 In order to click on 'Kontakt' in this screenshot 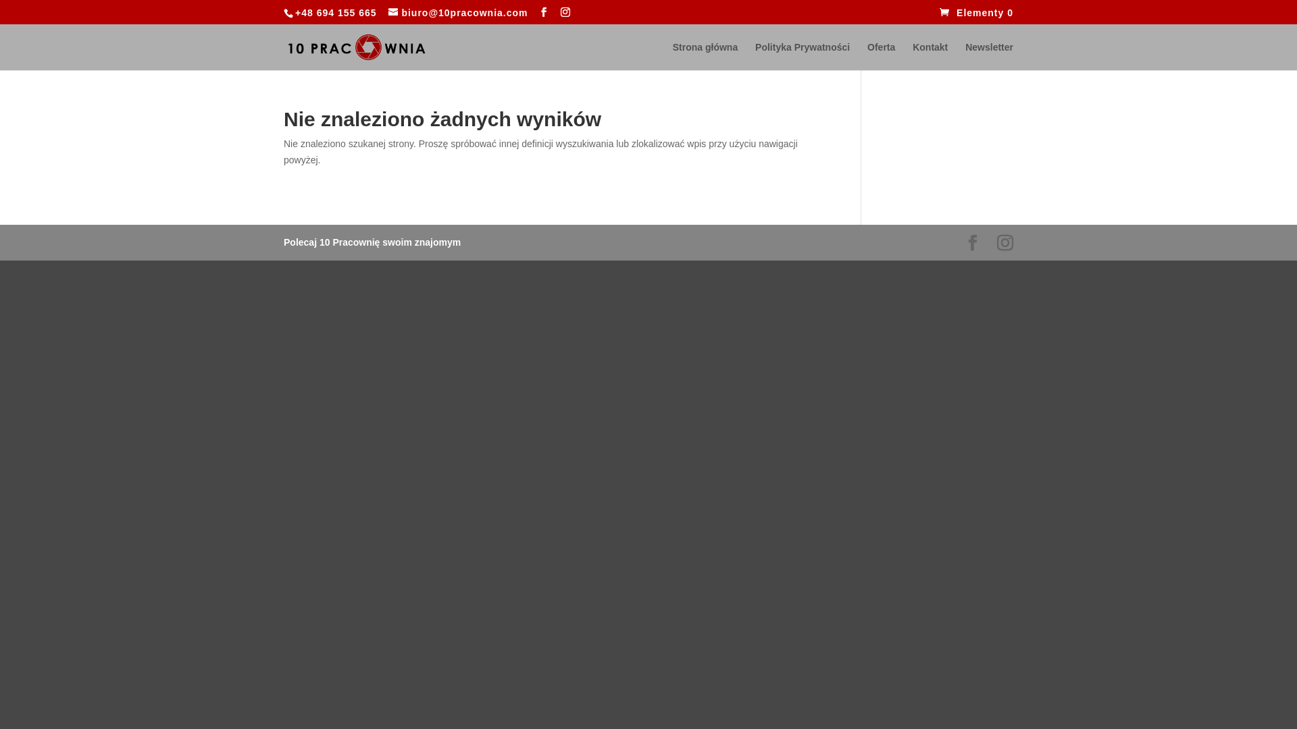, I will do `click(930, 55)`.